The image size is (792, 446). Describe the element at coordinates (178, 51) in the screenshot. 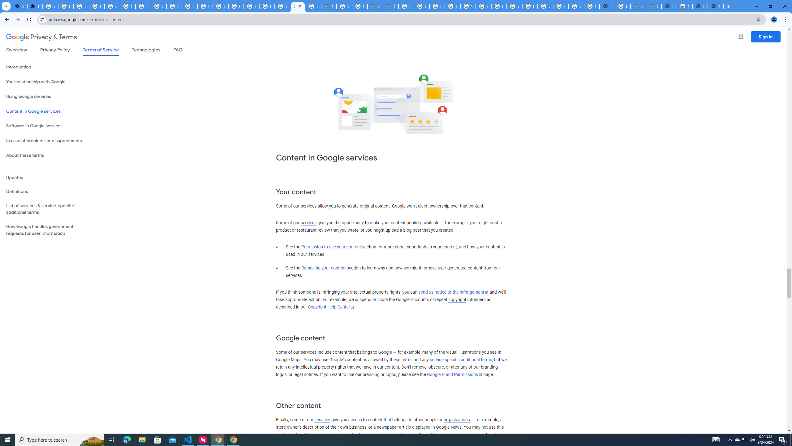

I see `'FAQ'` at that location.